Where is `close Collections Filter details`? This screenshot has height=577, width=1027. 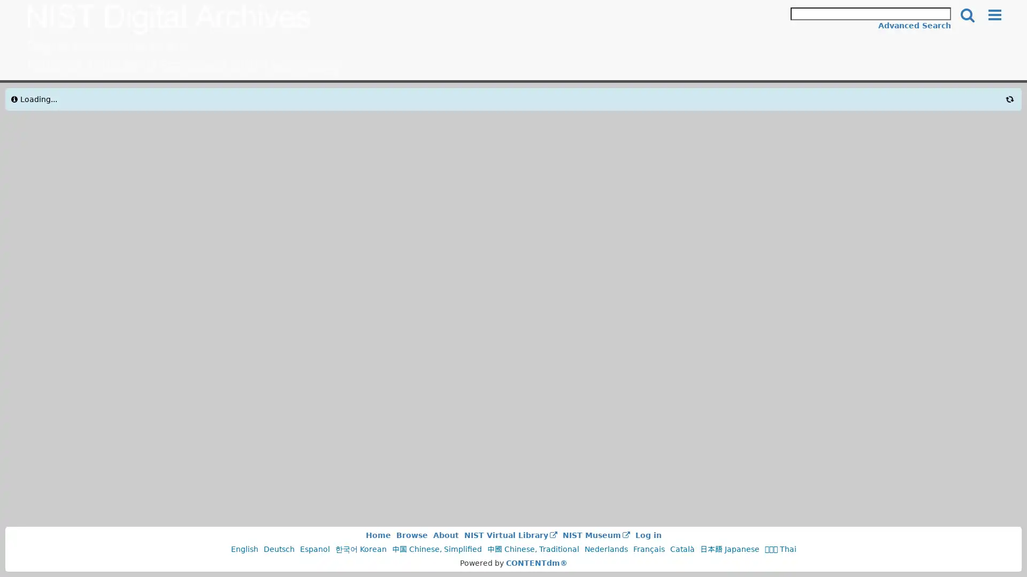 close Collections Filter details is located at coordinates (63, 103).